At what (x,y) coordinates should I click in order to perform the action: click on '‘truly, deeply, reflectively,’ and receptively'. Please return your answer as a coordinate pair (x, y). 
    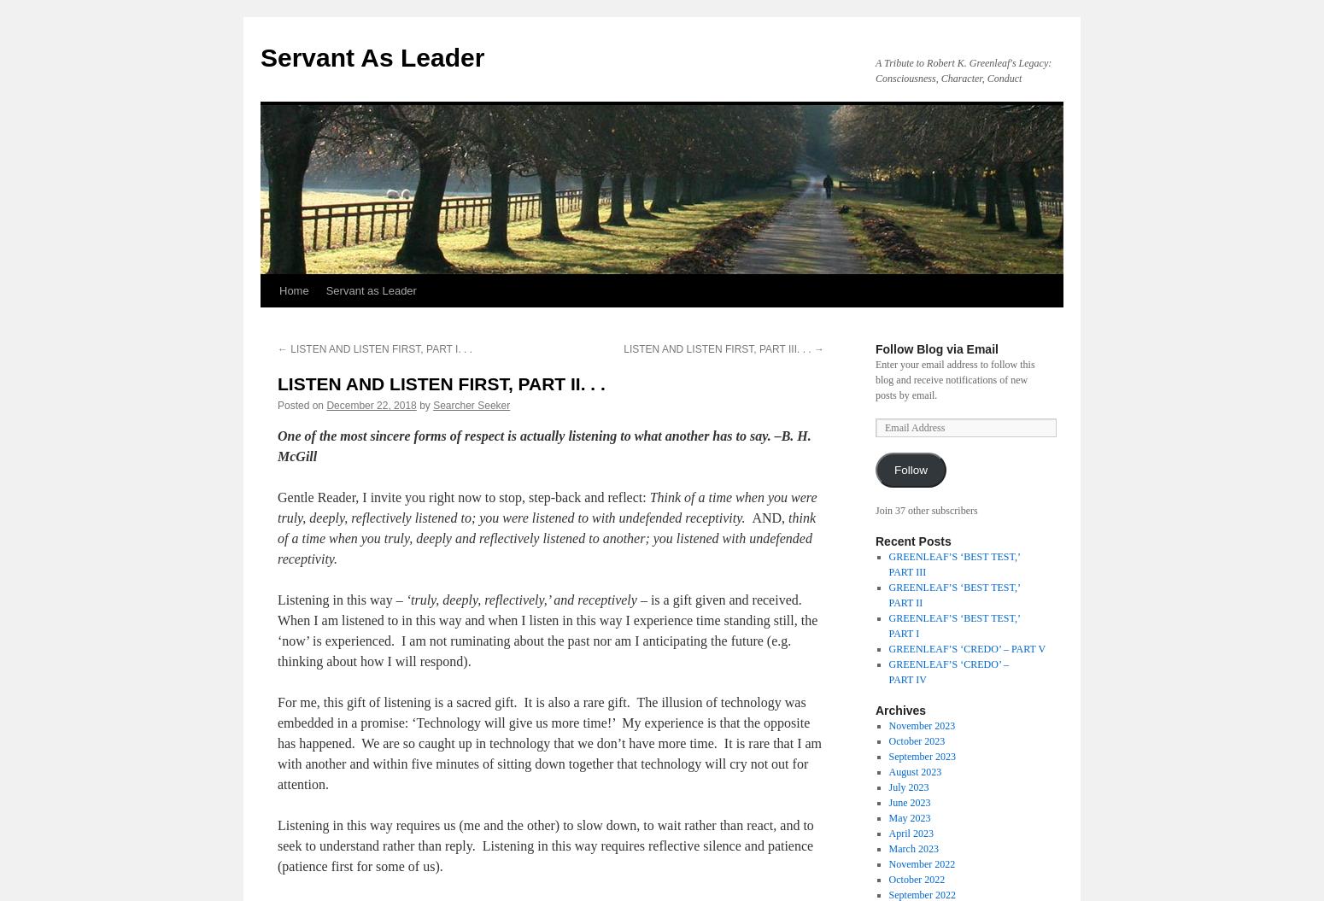
    Looking at the image, I should click on (522, 599).